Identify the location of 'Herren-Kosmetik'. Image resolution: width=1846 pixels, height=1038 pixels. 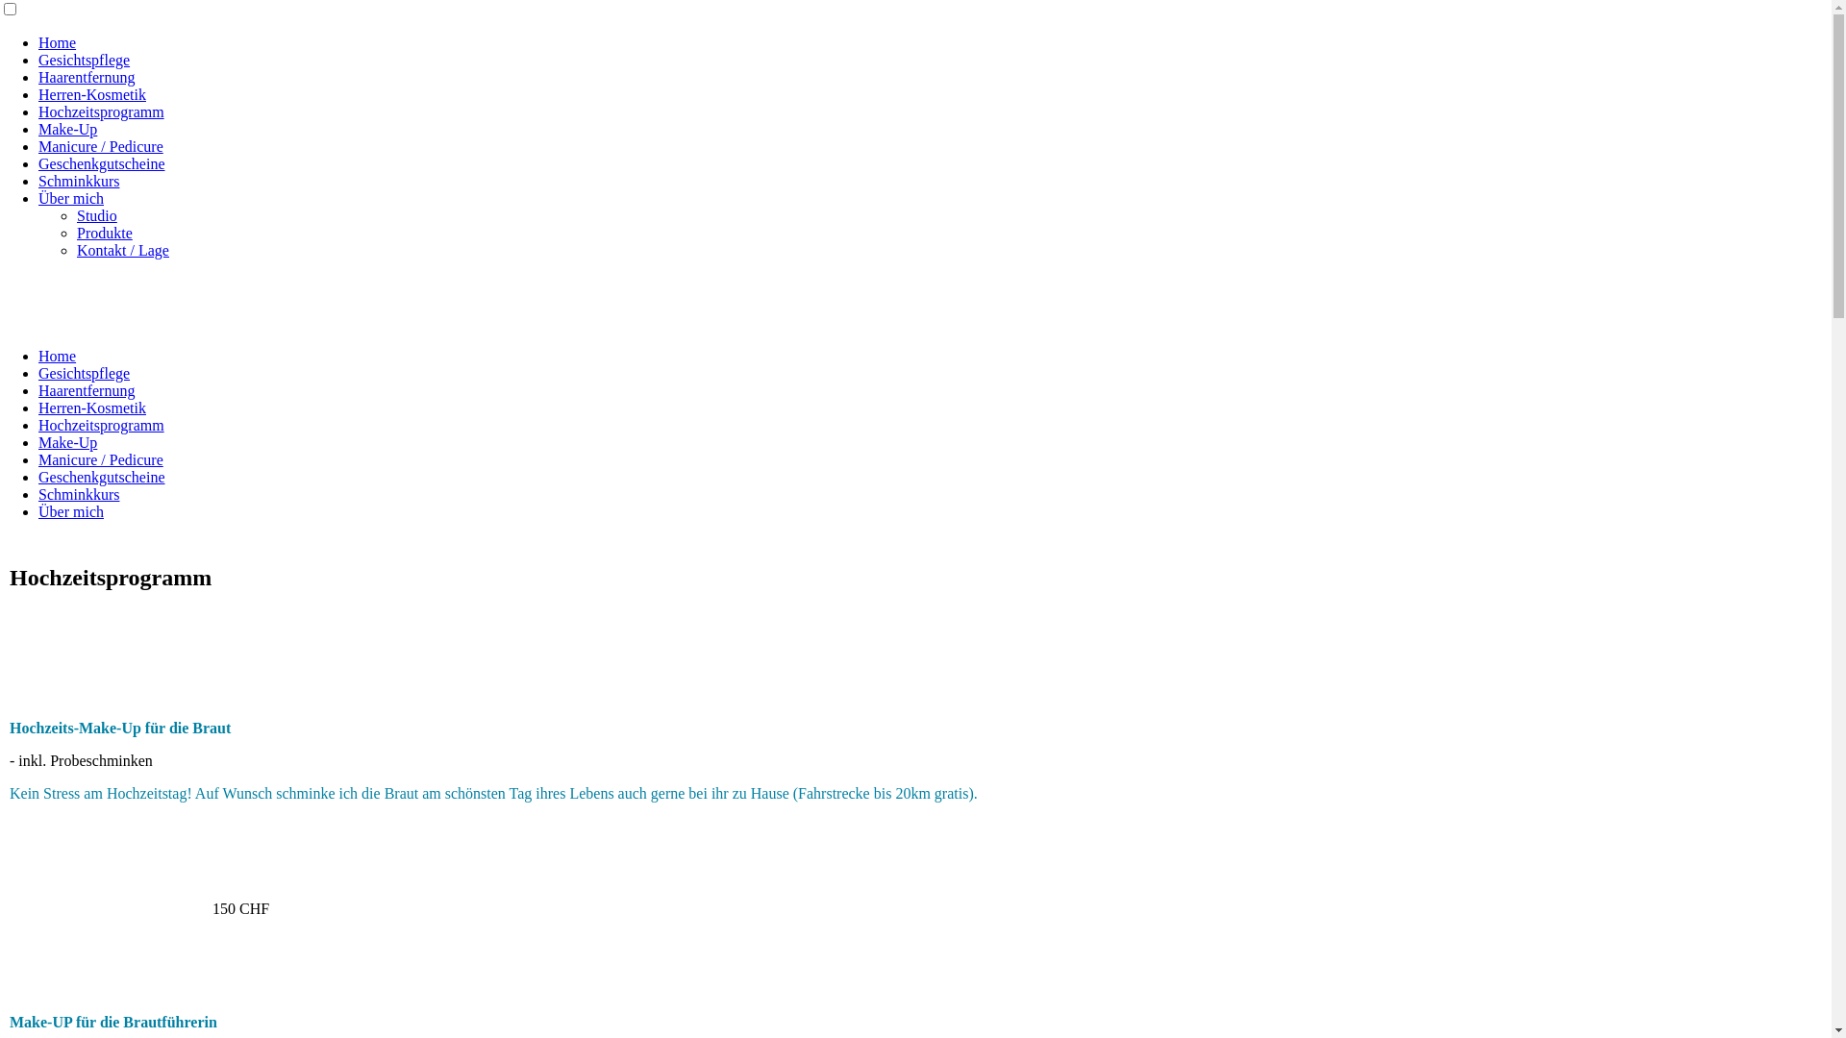
(37, 407).